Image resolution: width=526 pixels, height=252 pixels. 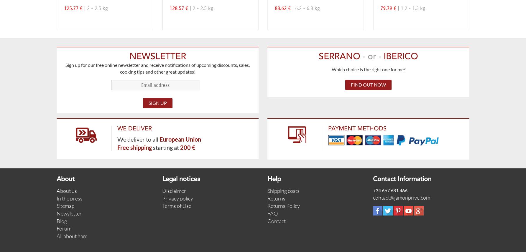 What do you see at coordinates (401, 197) in the screenshot?
I see `'contact@jamonprive.com'` at bounding box center [401, 197].